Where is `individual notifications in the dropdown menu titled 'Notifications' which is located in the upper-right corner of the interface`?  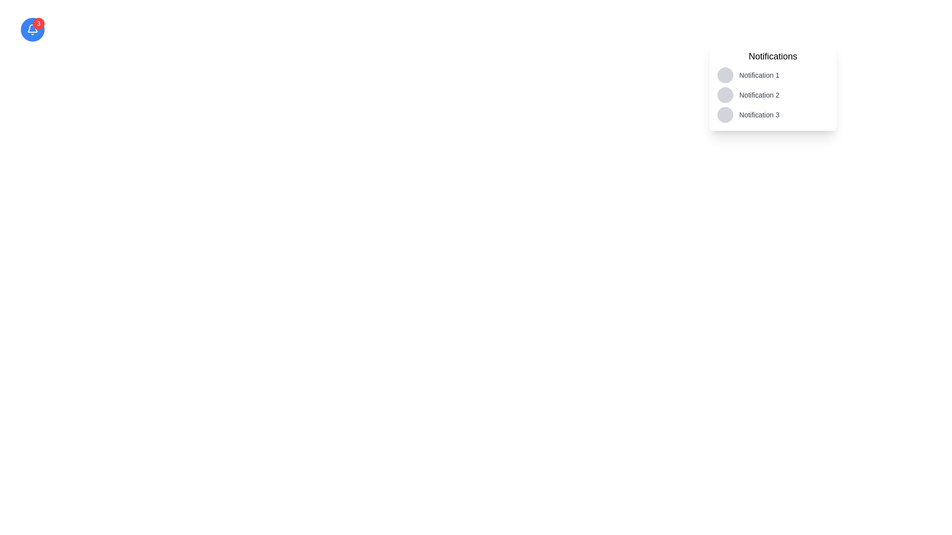
individual notifications in the dropdown menu titled 'Notifications' which is located in the upper-right corner of the interface is located at coordinates (773, 85).